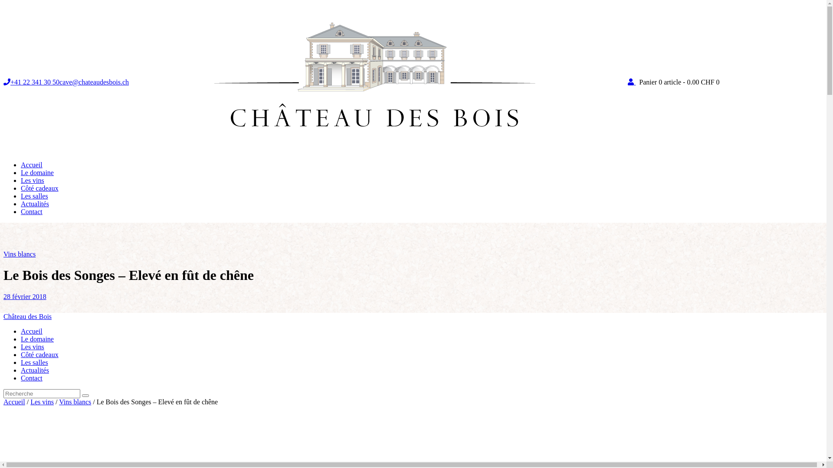 The width and height of the screenshot is (833, 468). Describe the element at coordinates (34, 196) in the screenshot. I see `'Les salles'` at that location.